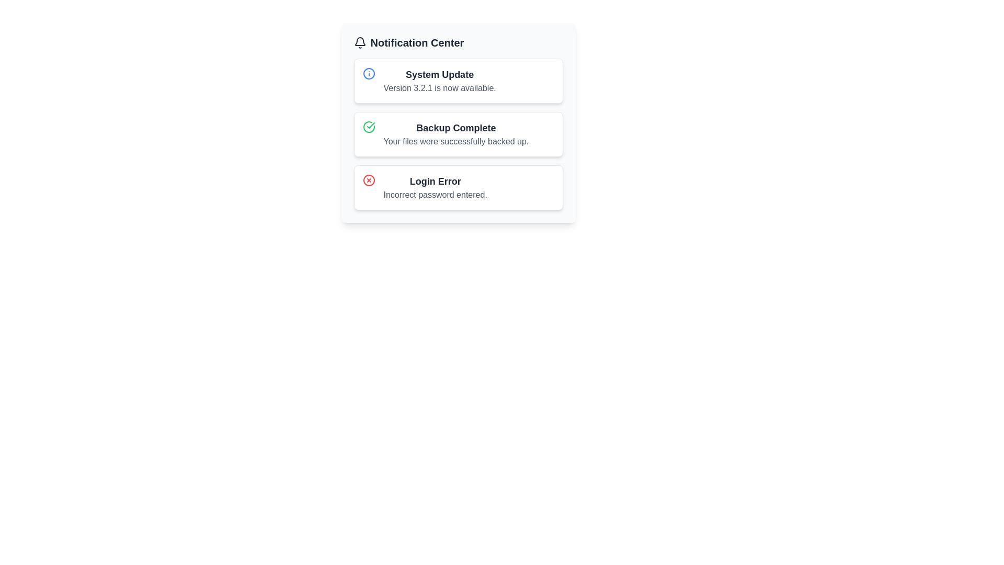 This screenshot has height=565, width=1004. Describe the element at coordinates (360, 41) in the screenshot. I see `the curved base portion of the bell-shaped notification icon located to the top-left of the 'Notification Center' title` at that location.